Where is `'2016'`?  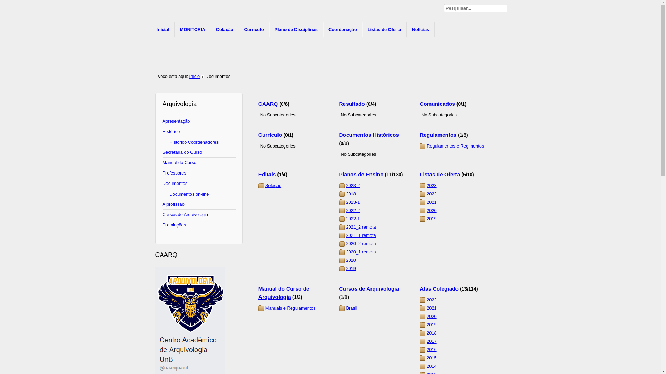
'2016' is located at coordinates (431, 349).